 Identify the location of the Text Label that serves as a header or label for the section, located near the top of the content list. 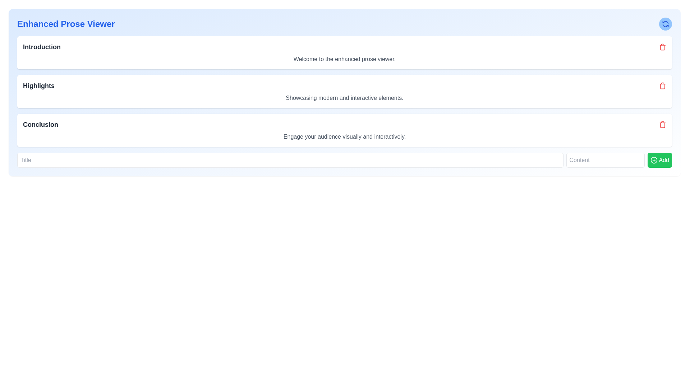
(41, 47).